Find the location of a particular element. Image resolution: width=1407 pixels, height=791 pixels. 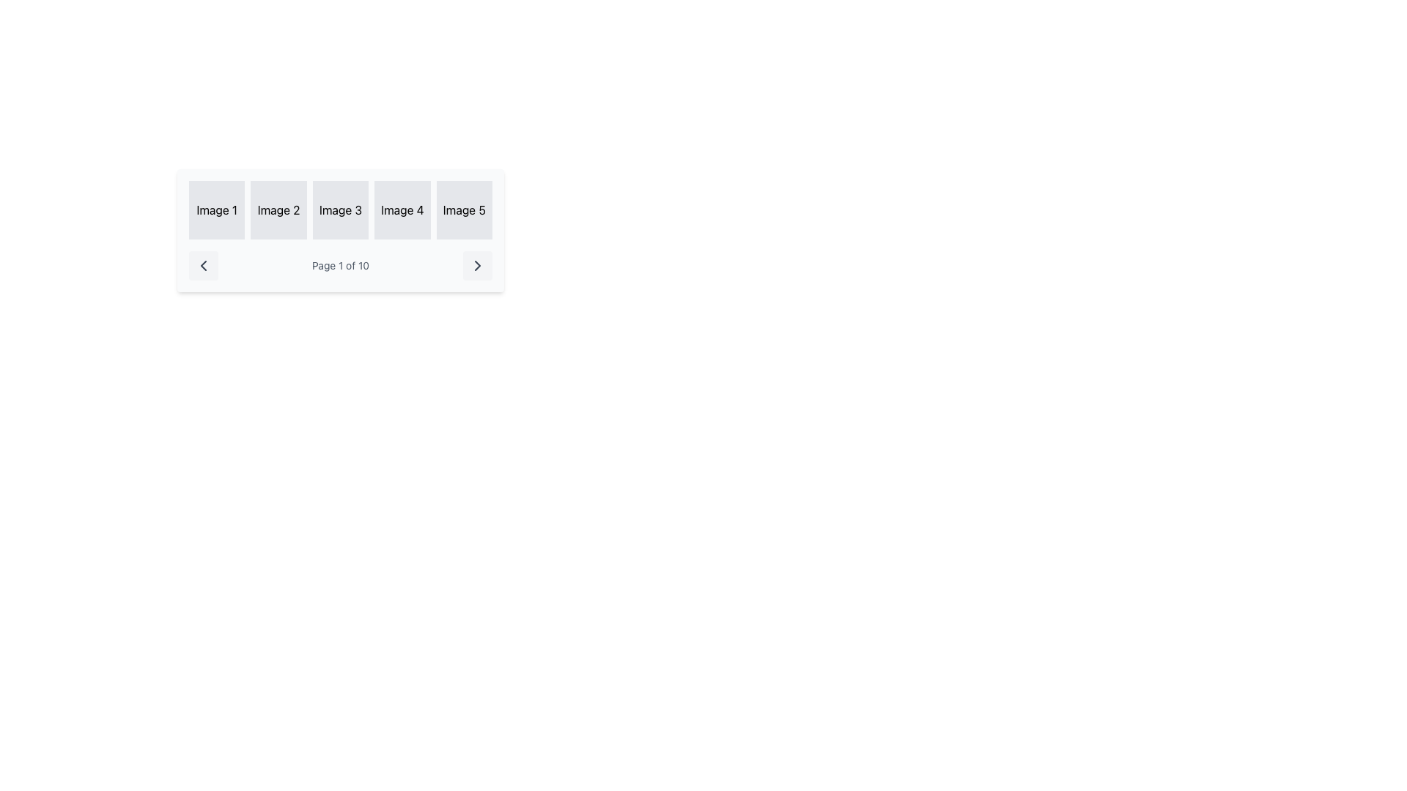

the label representing 'Image 5' in the grid is located at coordinates (463, 209).